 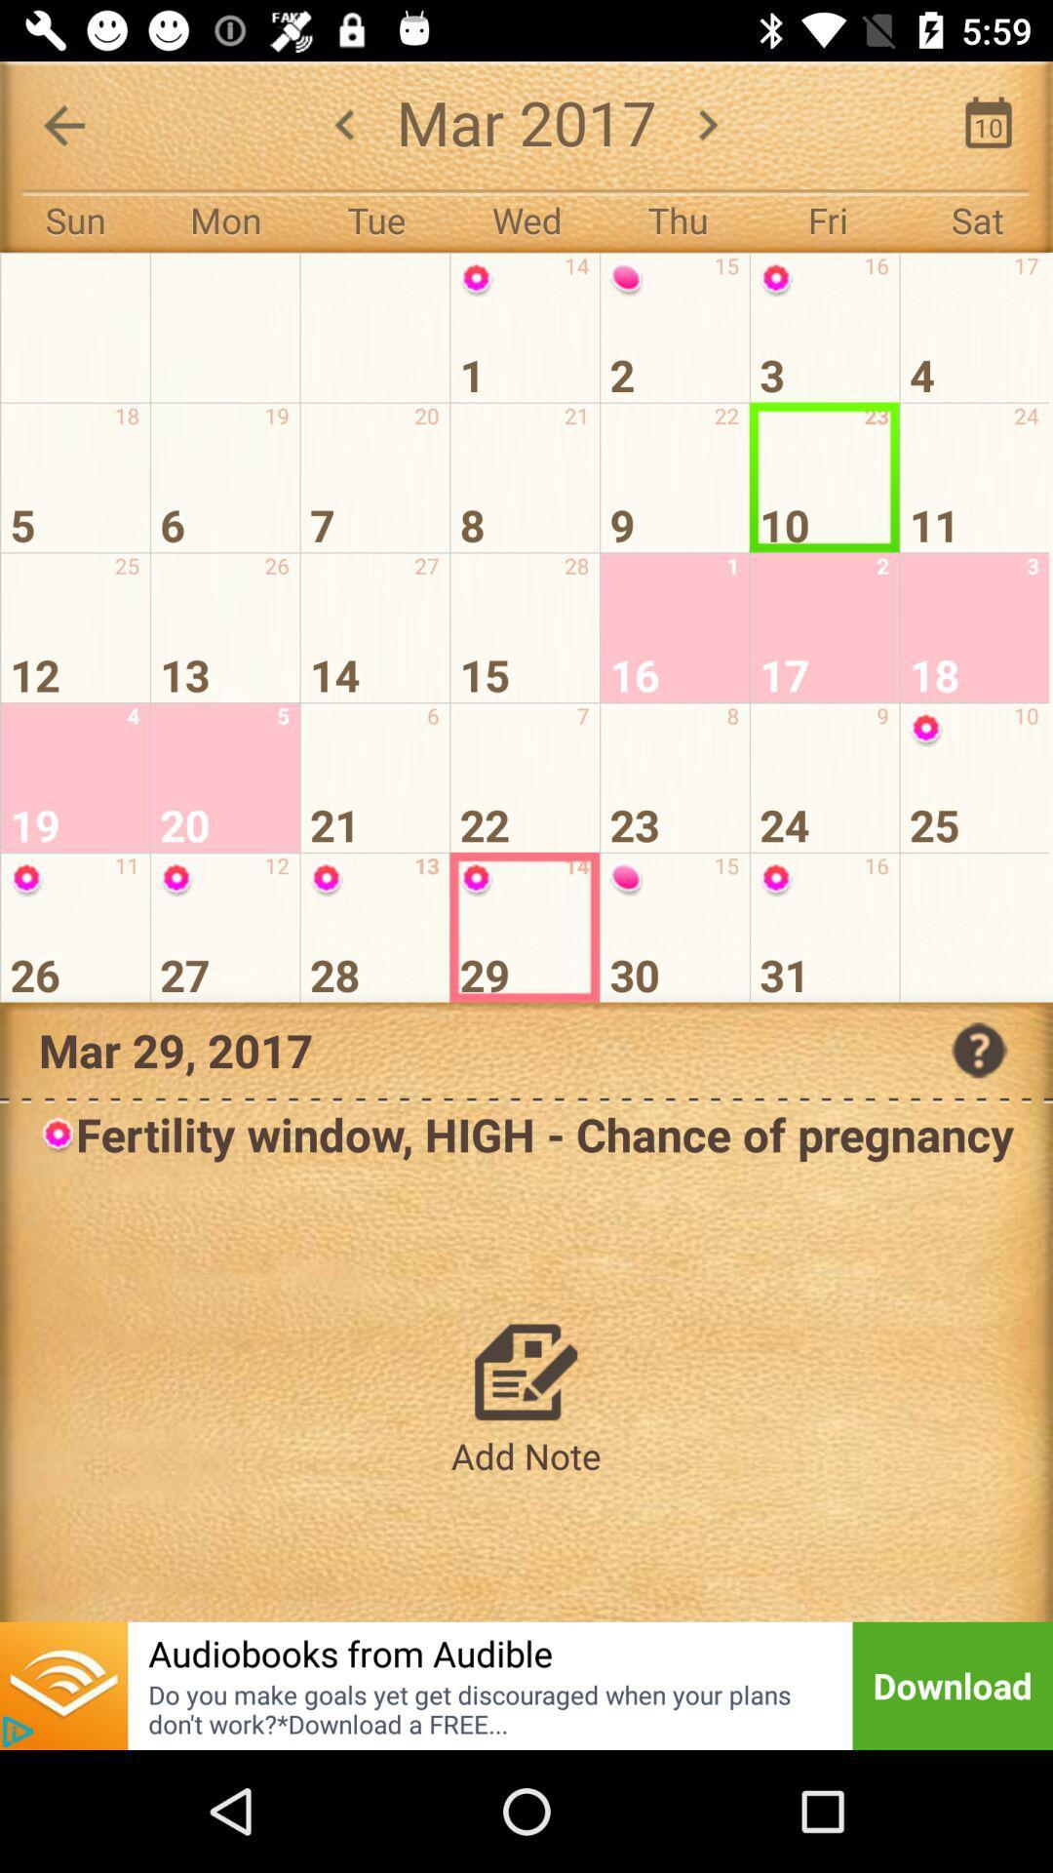 What do you see at coordinates (18, 1732) in the screenshot?
I see `the play icon` at bounding box center [18, 1732].